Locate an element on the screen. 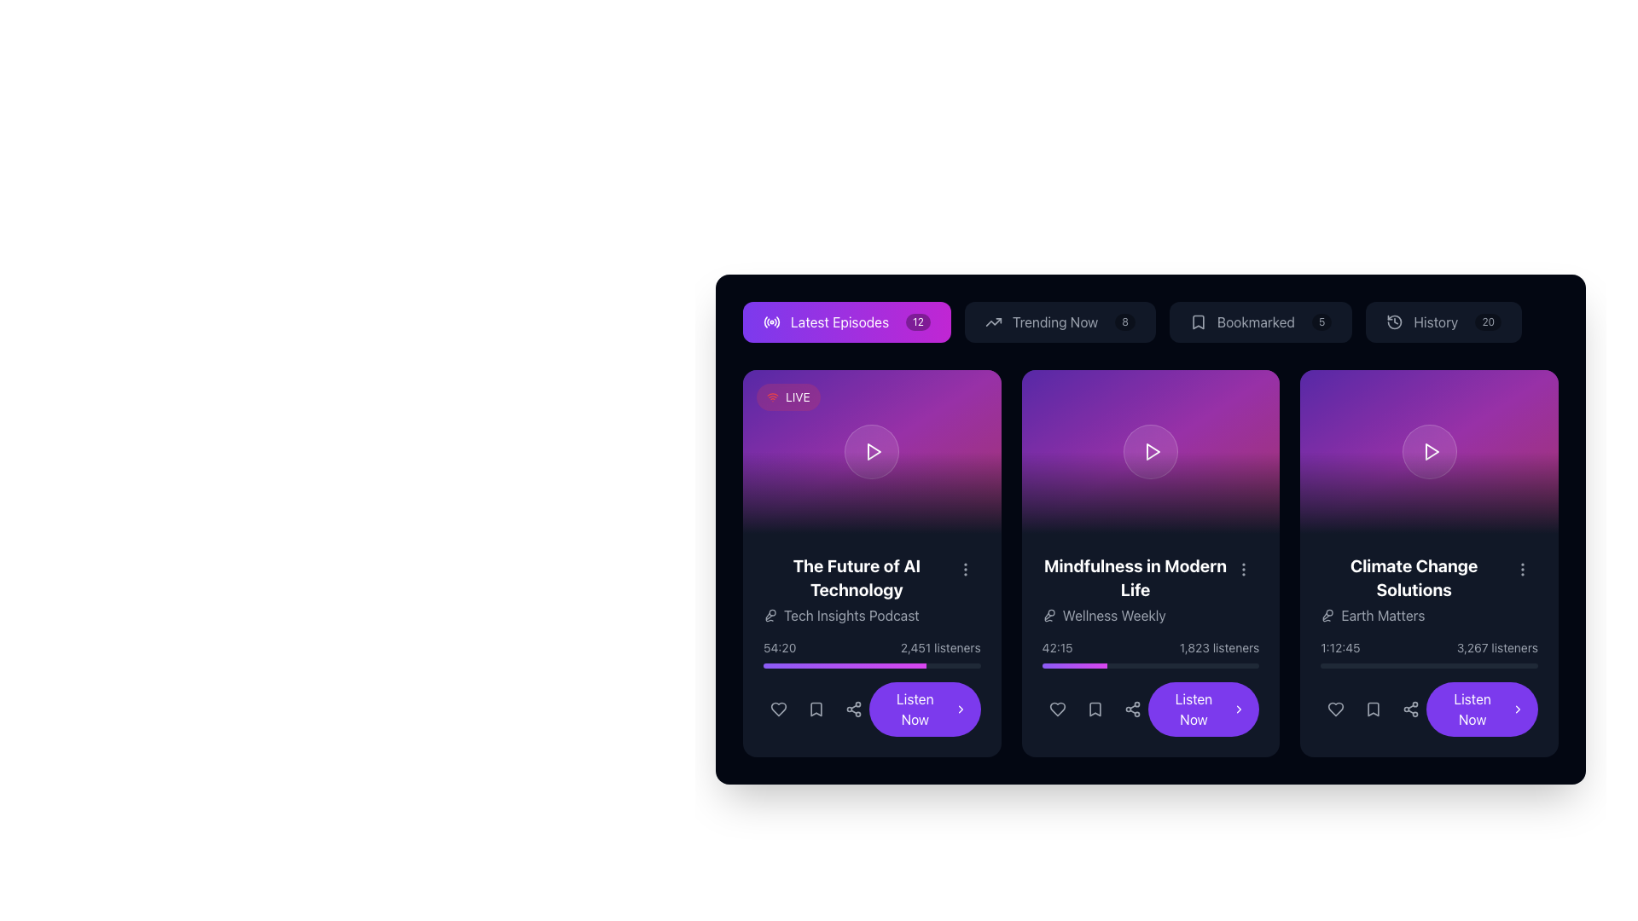  the share icon button located centrally between the heart and bookmark icons in the control panel below the 'Mindfulness in Modern Life' podcast card is located at coordinates (1132, 710).